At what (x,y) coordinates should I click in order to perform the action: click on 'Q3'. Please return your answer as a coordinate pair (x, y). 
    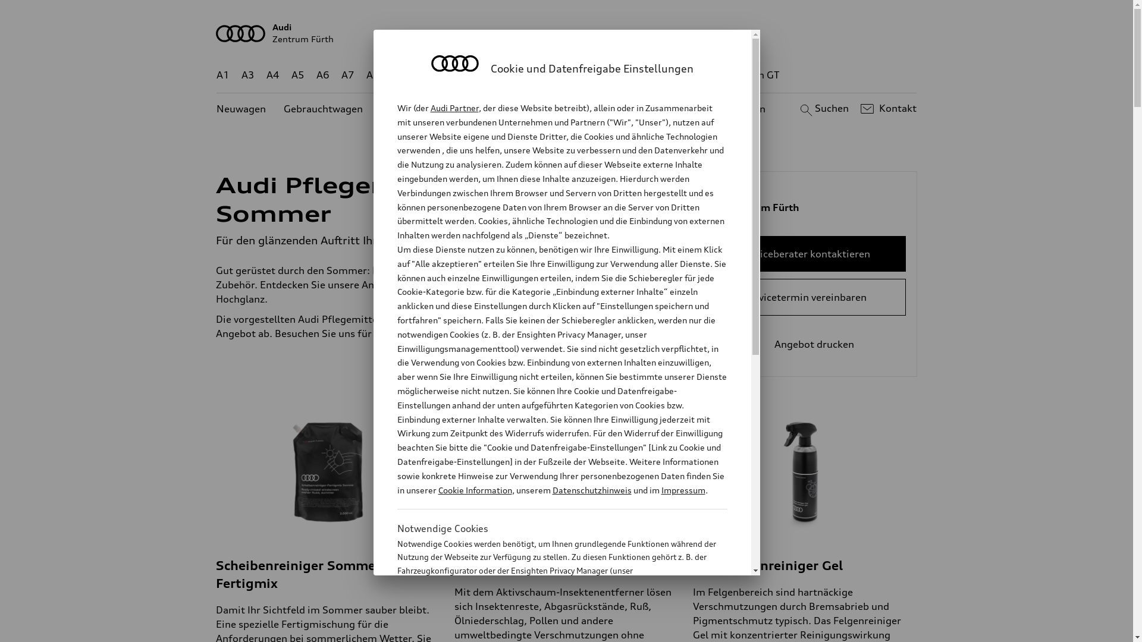
    Looking at the image, I should click on (423, 75).